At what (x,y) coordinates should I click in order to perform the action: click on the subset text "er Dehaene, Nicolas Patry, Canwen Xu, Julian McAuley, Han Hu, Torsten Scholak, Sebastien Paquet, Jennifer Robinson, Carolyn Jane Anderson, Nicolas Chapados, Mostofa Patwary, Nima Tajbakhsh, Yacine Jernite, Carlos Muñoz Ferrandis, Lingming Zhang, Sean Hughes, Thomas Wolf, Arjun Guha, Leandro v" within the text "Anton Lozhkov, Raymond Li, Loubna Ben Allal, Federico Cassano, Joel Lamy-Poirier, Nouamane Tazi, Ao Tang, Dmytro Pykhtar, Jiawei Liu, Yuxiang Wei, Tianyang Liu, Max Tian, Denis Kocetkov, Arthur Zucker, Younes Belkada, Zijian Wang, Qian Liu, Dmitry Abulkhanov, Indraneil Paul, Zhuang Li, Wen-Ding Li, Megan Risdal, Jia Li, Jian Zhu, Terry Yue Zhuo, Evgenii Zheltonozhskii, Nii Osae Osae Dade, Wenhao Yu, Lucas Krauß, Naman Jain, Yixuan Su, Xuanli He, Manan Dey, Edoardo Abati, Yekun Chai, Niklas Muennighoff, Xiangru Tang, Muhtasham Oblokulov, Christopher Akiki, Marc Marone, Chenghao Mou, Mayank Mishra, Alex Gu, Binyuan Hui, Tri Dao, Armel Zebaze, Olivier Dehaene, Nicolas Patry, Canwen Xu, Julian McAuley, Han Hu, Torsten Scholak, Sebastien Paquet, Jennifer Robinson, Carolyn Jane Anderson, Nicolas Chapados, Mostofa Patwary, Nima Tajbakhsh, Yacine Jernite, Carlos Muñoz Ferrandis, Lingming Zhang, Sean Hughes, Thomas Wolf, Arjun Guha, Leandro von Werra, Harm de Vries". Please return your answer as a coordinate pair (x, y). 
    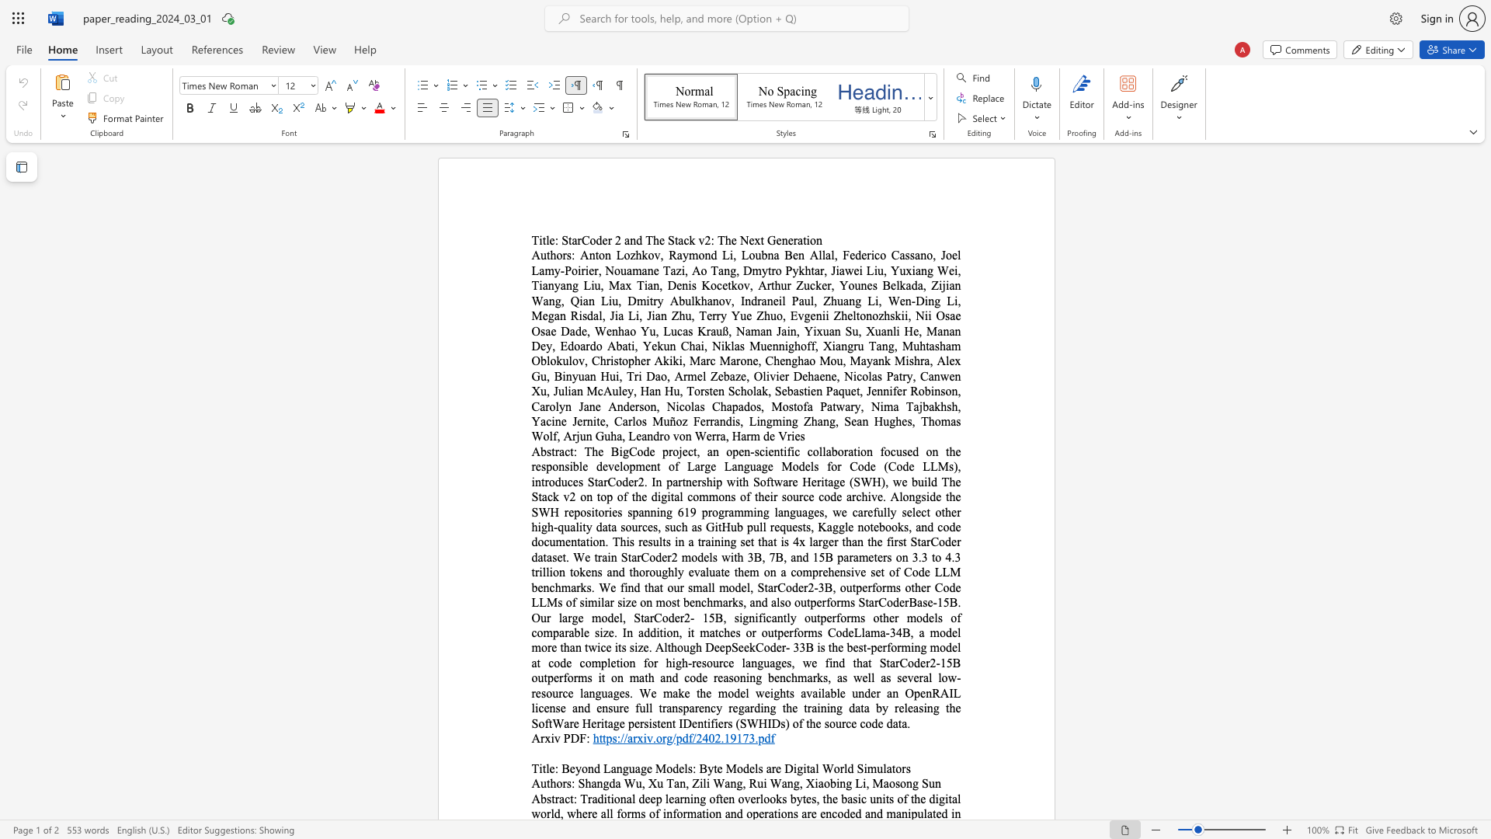
    Looking at the image, I should click on (779, 376).